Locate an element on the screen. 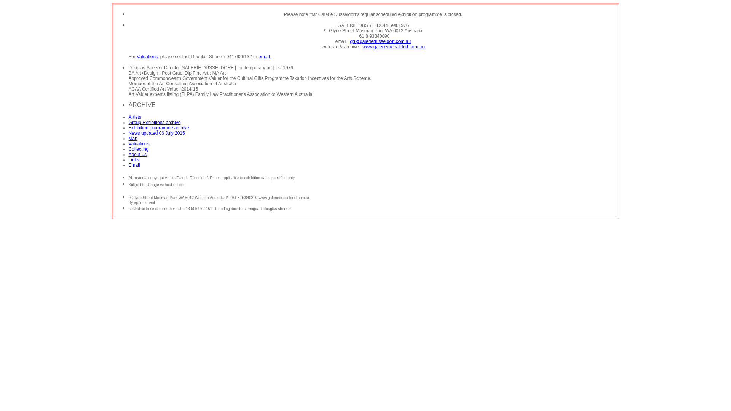  'Email' is located at coordinates (134, 165).